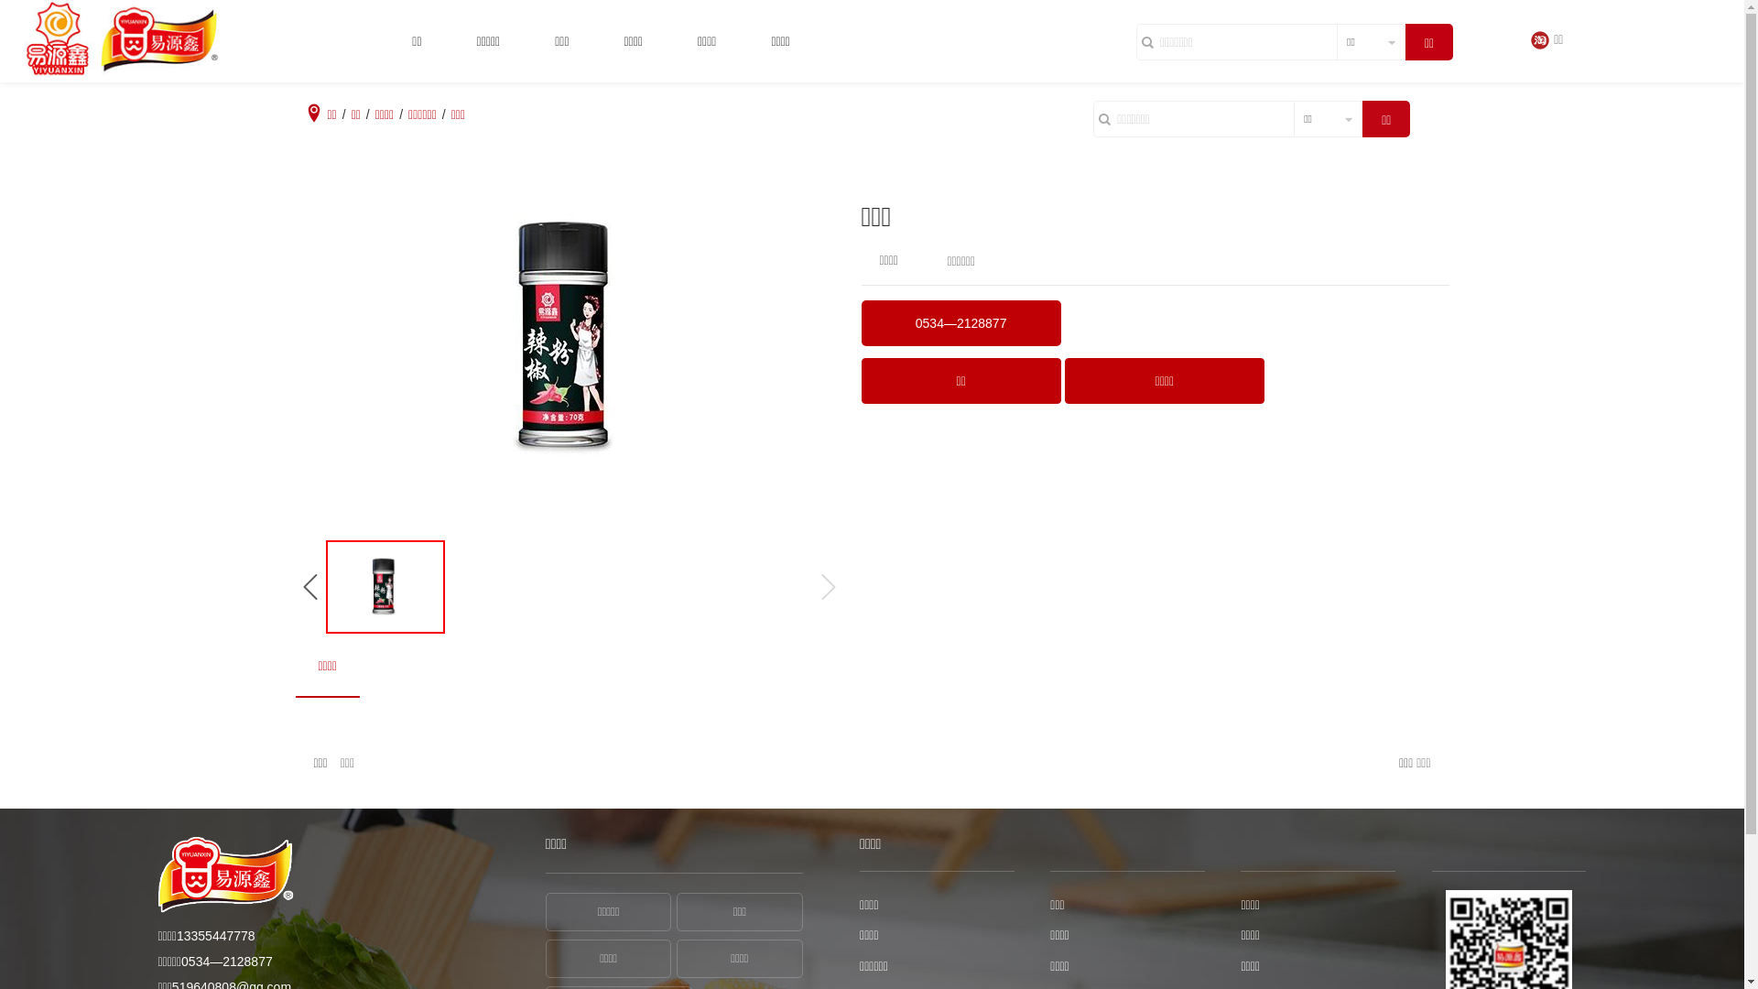 This screenshot has height=989, width=1758. I want to click on '13355447778', so click(215, 936).